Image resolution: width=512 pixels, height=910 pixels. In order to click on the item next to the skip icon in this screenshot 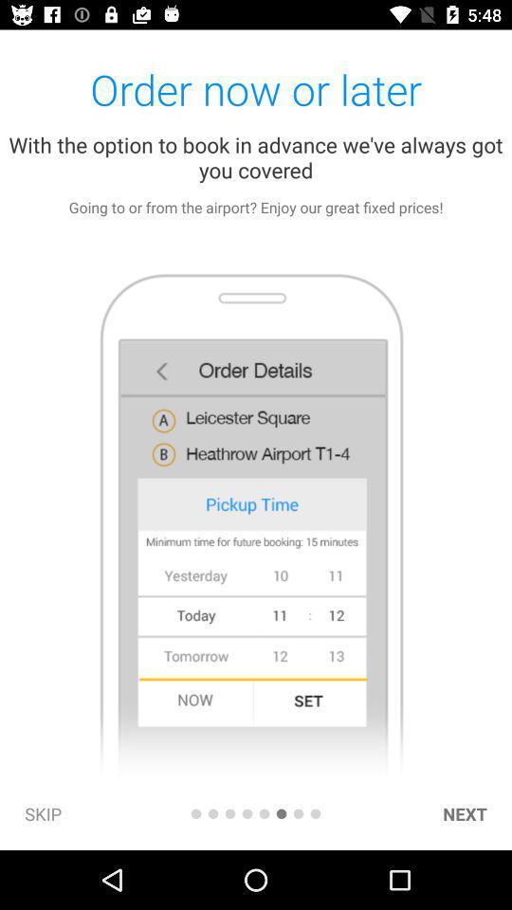, I will do `click(194, 812)`.